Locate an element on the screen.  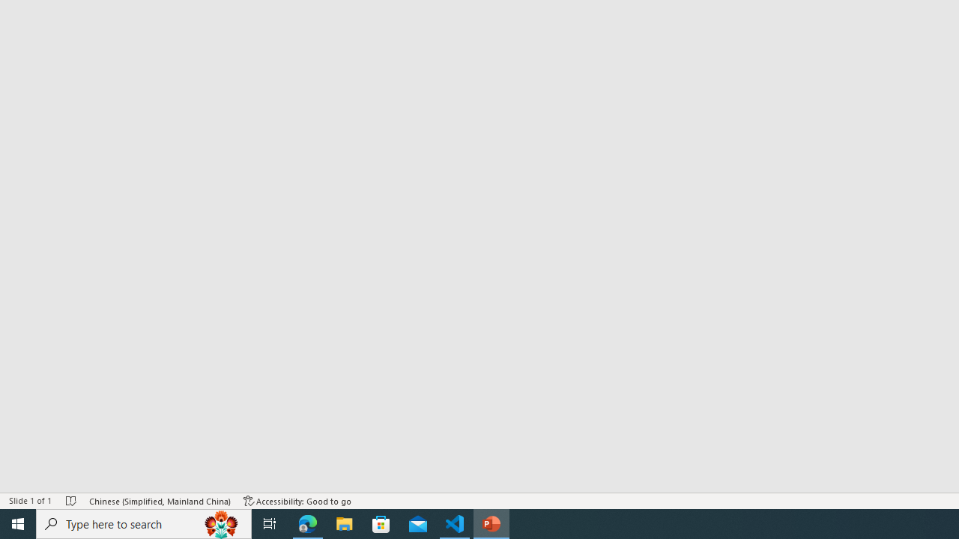
'Spell Check No Errors' is located at coordinates (71, 501).